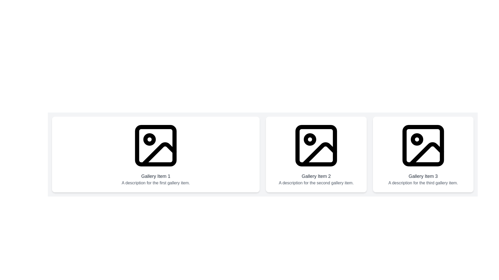 Image resolution: width=499 pixels, height=280 pixels. I want to click on the static text element that provides descriptive information for 'Gallery Item 1', which is positioned below it and centered within the gallery item card, so click(155, 183).